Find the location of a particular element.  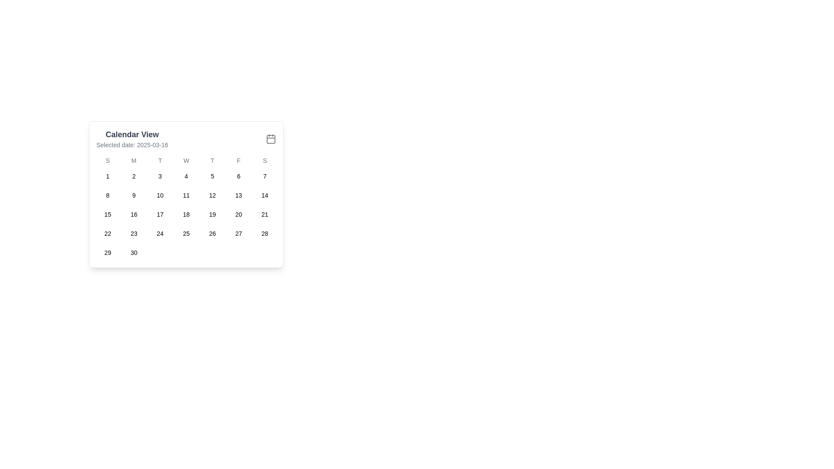

the calendar day cell displaying the number '16', which is styled as a rectangular box with a hover effect that changes the background color slightly is located at coordinates (133, 214).